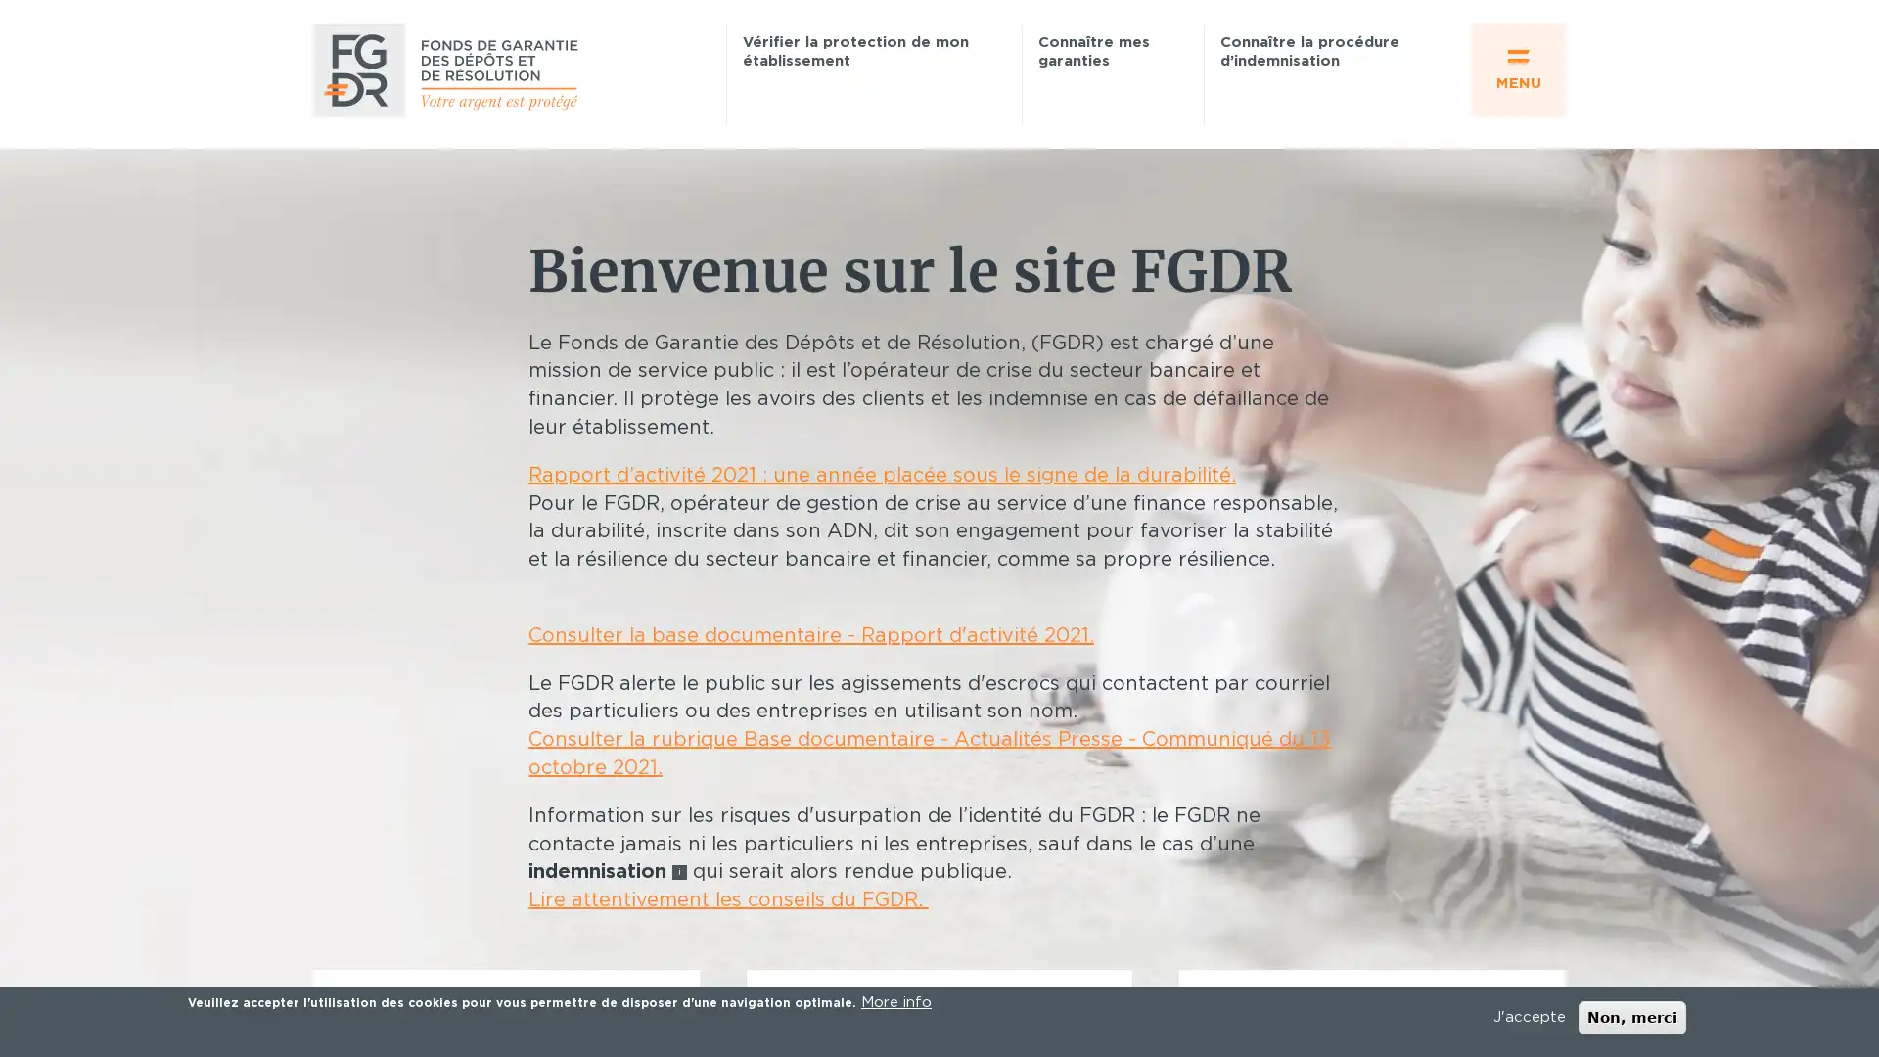 This screenshot has width=1879, height=1057. What do you see at coordinates (1517, 69) in the screenshot?
I see `MENU` at bounding box center [1517, 69].